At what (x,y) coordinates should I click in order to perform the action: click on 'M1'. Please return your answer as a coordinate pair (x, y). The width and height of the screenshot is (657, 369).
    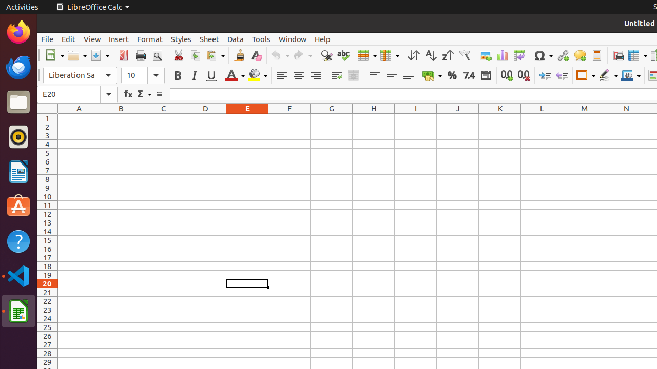
    Looking at the image, I should click on (584, 117).